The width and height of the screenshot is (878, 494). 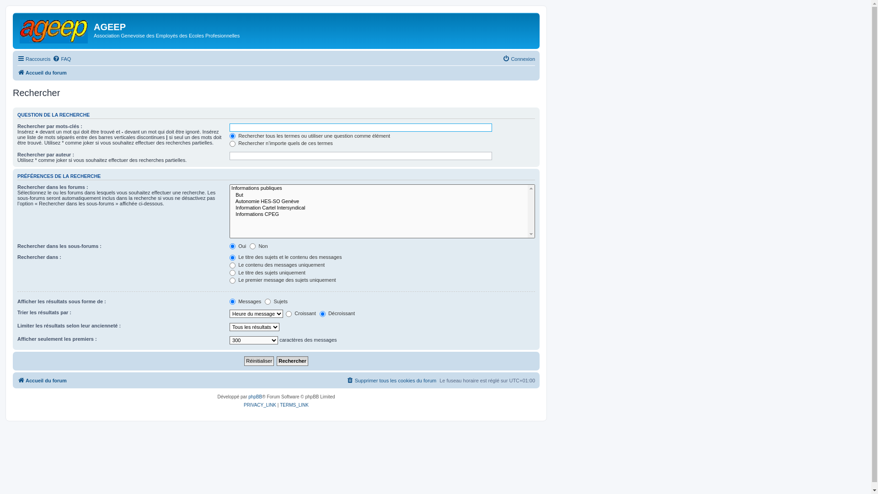 I want to click on 'FAQ', so click(x=61, y=59).